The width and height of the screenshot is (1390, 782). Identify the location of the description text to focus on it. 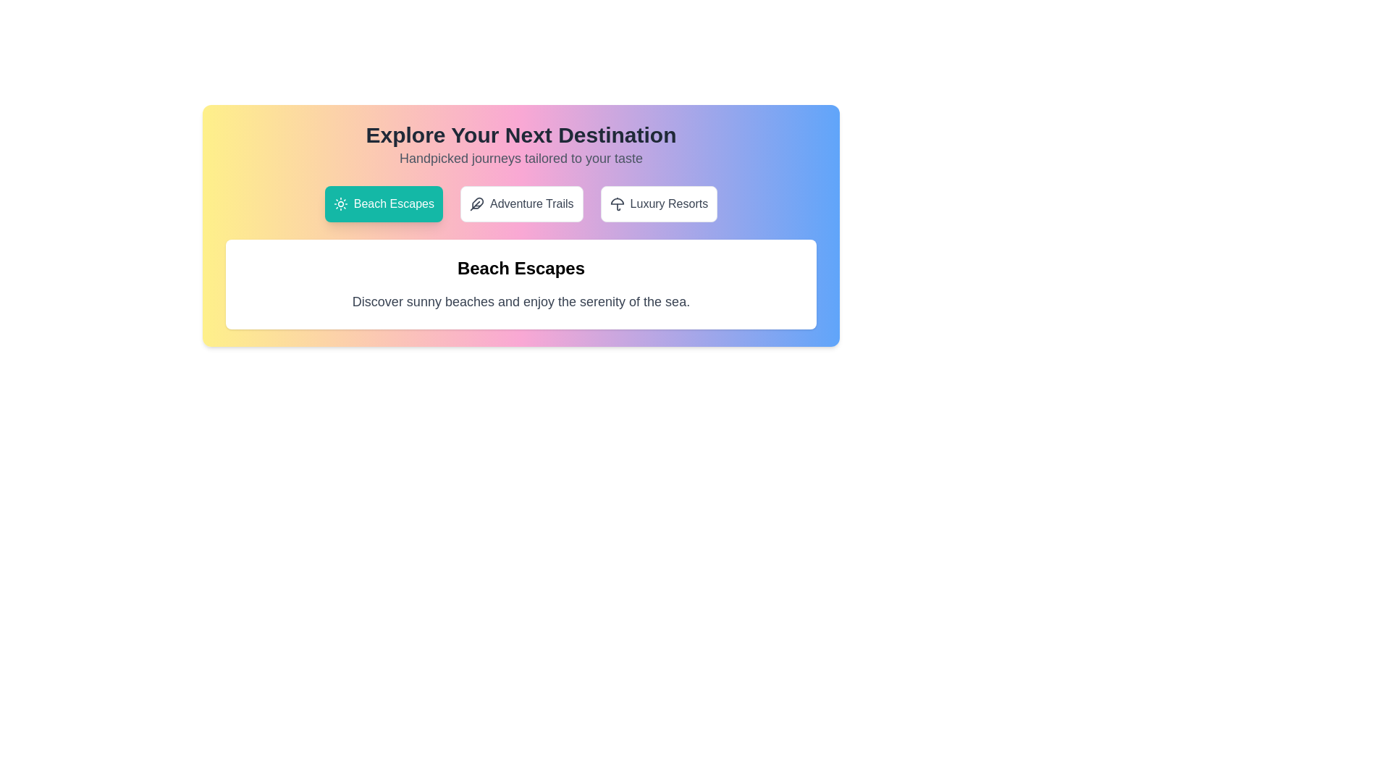
(521, 300).